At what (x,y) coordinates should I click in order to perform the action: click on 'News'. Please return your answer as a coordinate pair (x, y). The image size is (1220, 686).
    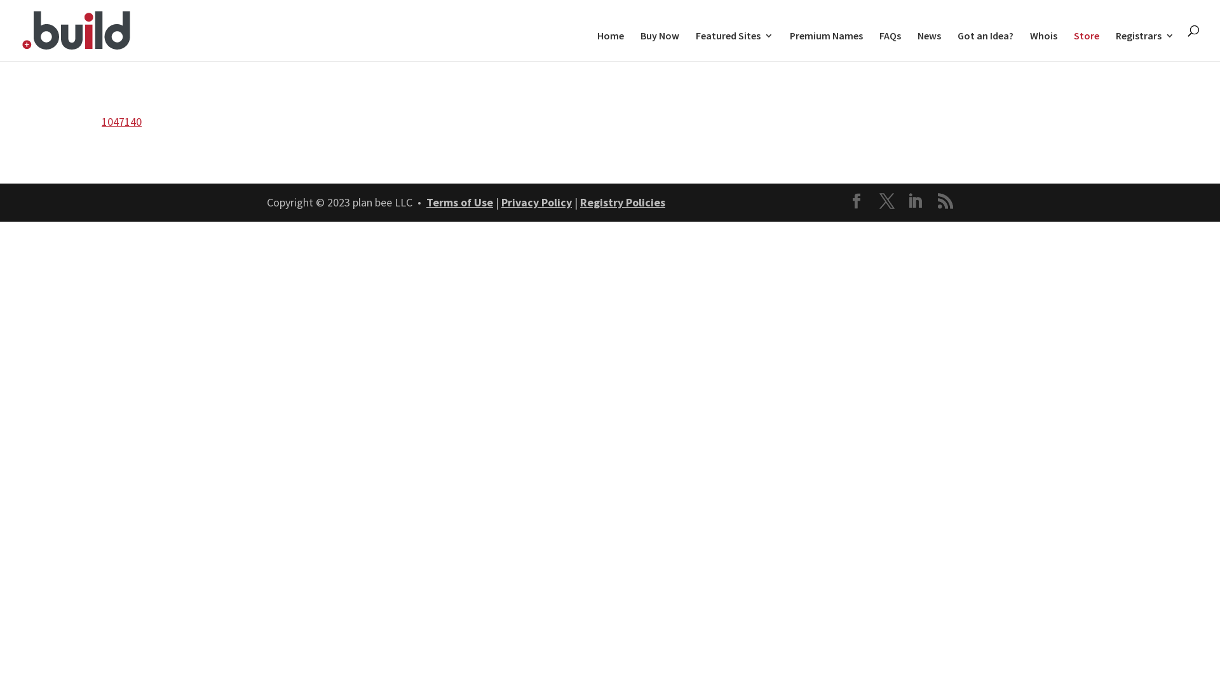
    Looking at the image, I should click on (929, 45).